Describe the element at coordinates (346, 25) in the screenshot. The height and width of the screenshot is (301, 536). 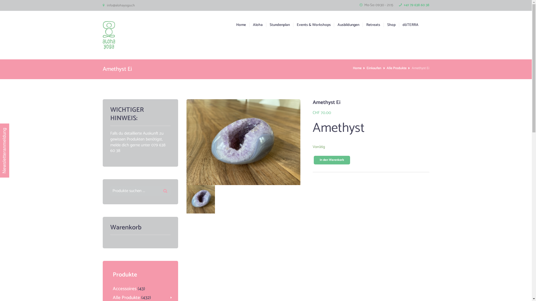
I see `'Ausbildungen'` at that location.